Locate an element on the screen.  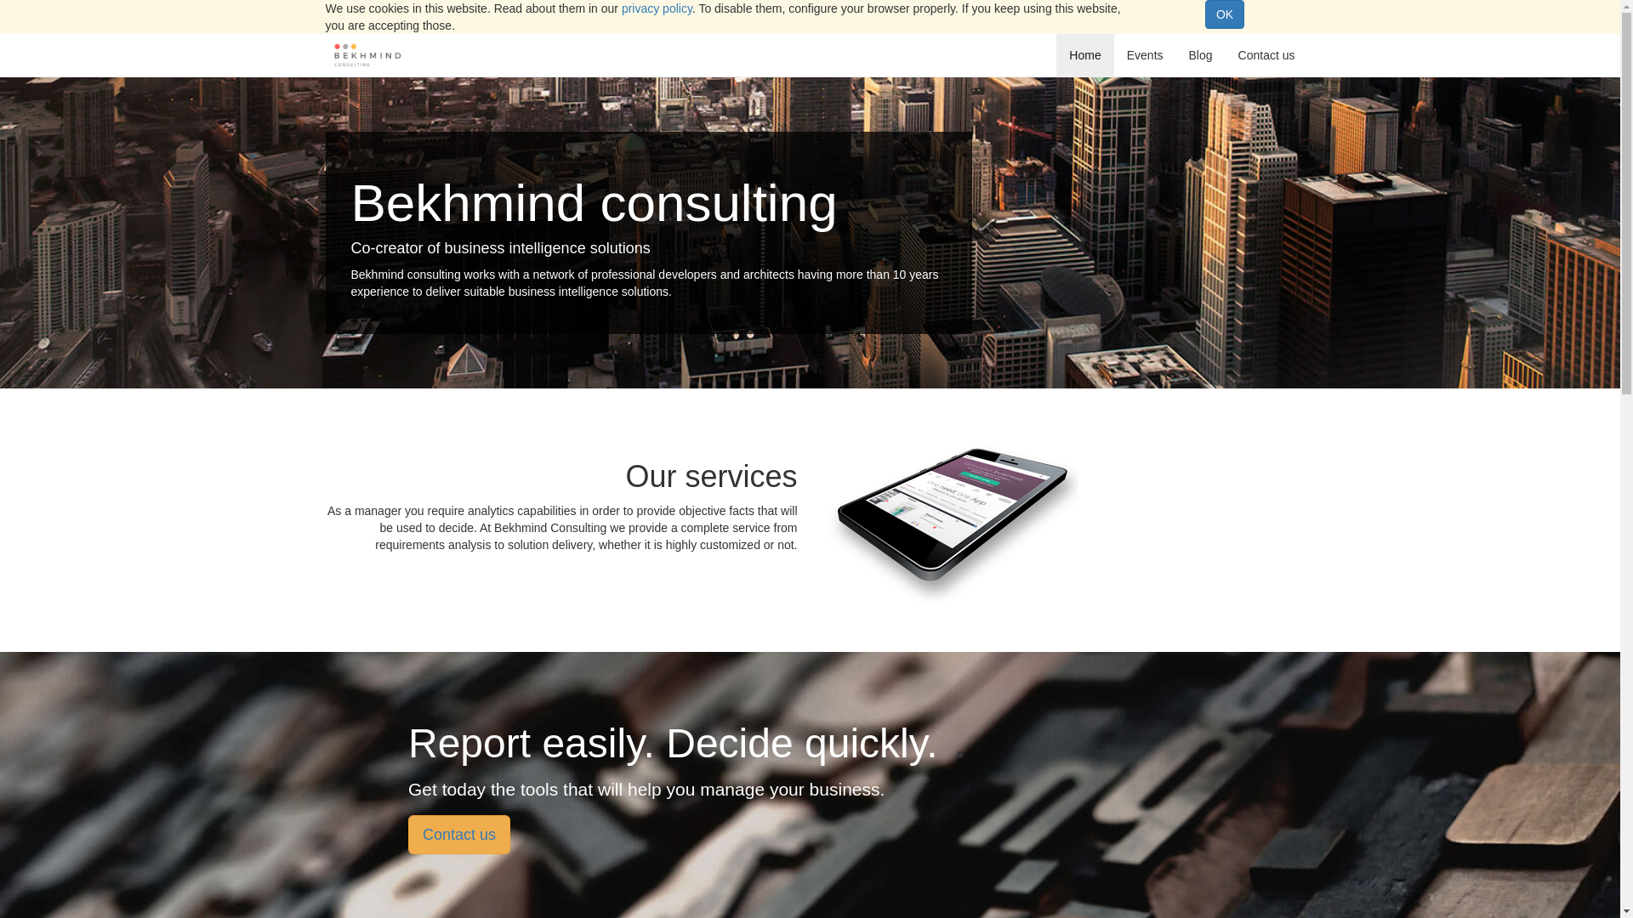
'Contact us' is located at coordinates (458, 834).